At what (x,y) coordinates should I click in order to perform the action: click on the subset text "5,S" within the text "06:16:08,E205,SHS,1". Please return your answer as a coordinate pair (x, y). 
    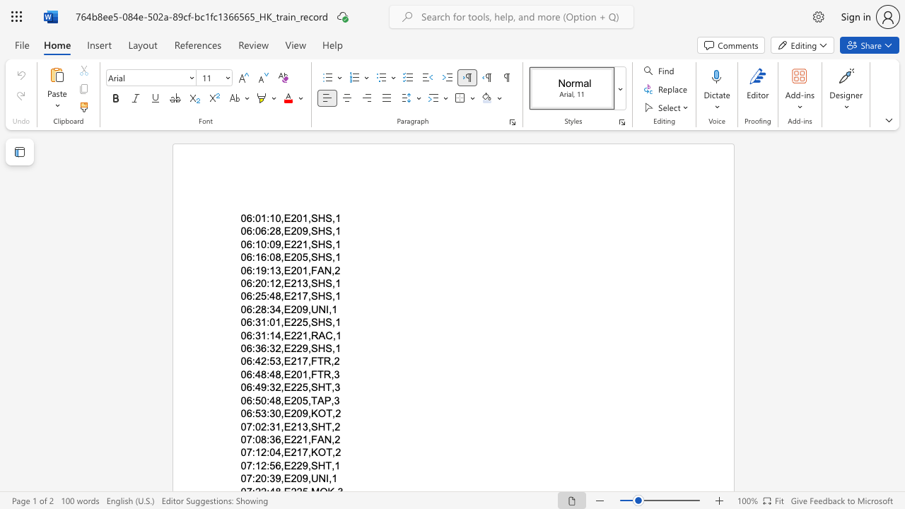
    Looking at the image, I should click on (301, 257).